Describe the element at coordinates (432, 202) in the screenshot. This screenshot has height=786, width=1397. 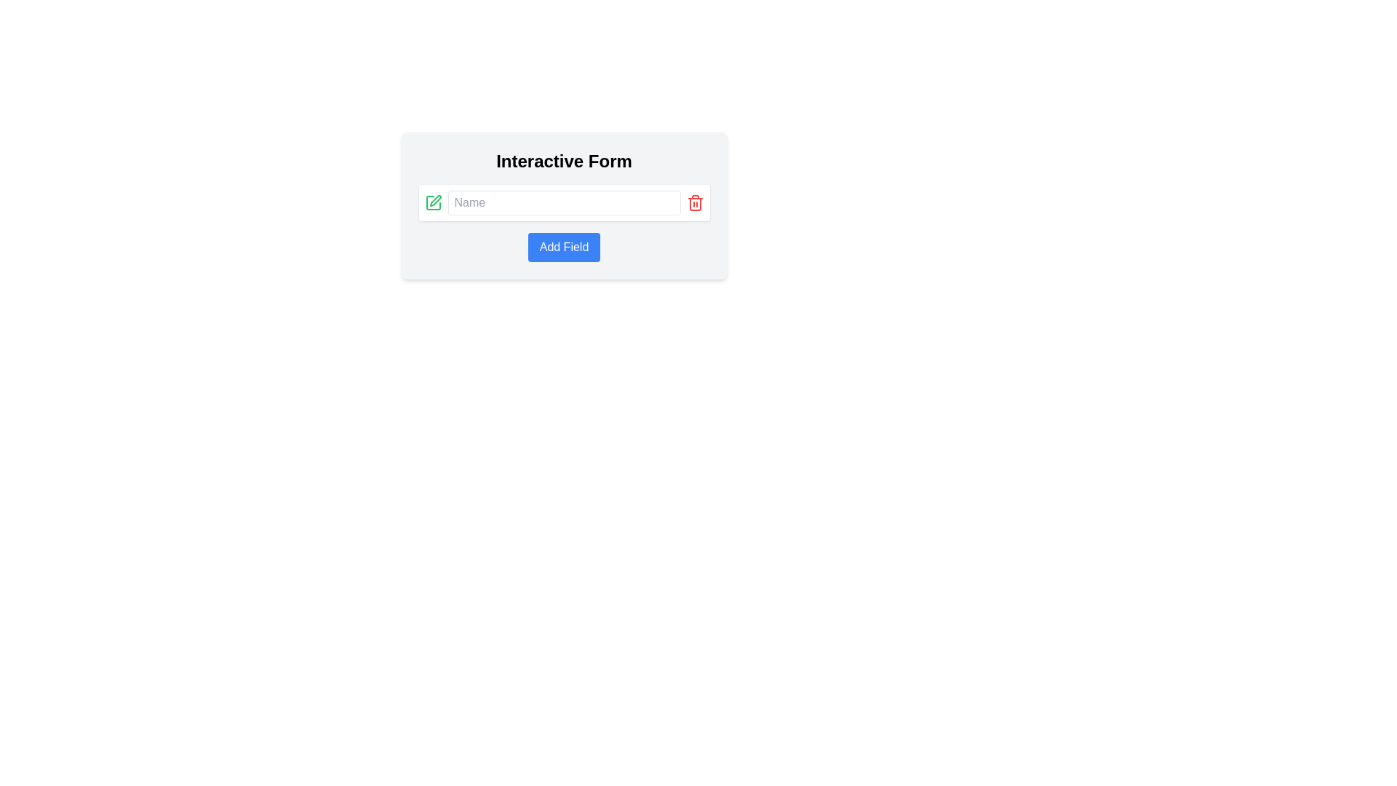
I see `the green pen icon SVG element located to the left of the 'Name' text input field` at that location.